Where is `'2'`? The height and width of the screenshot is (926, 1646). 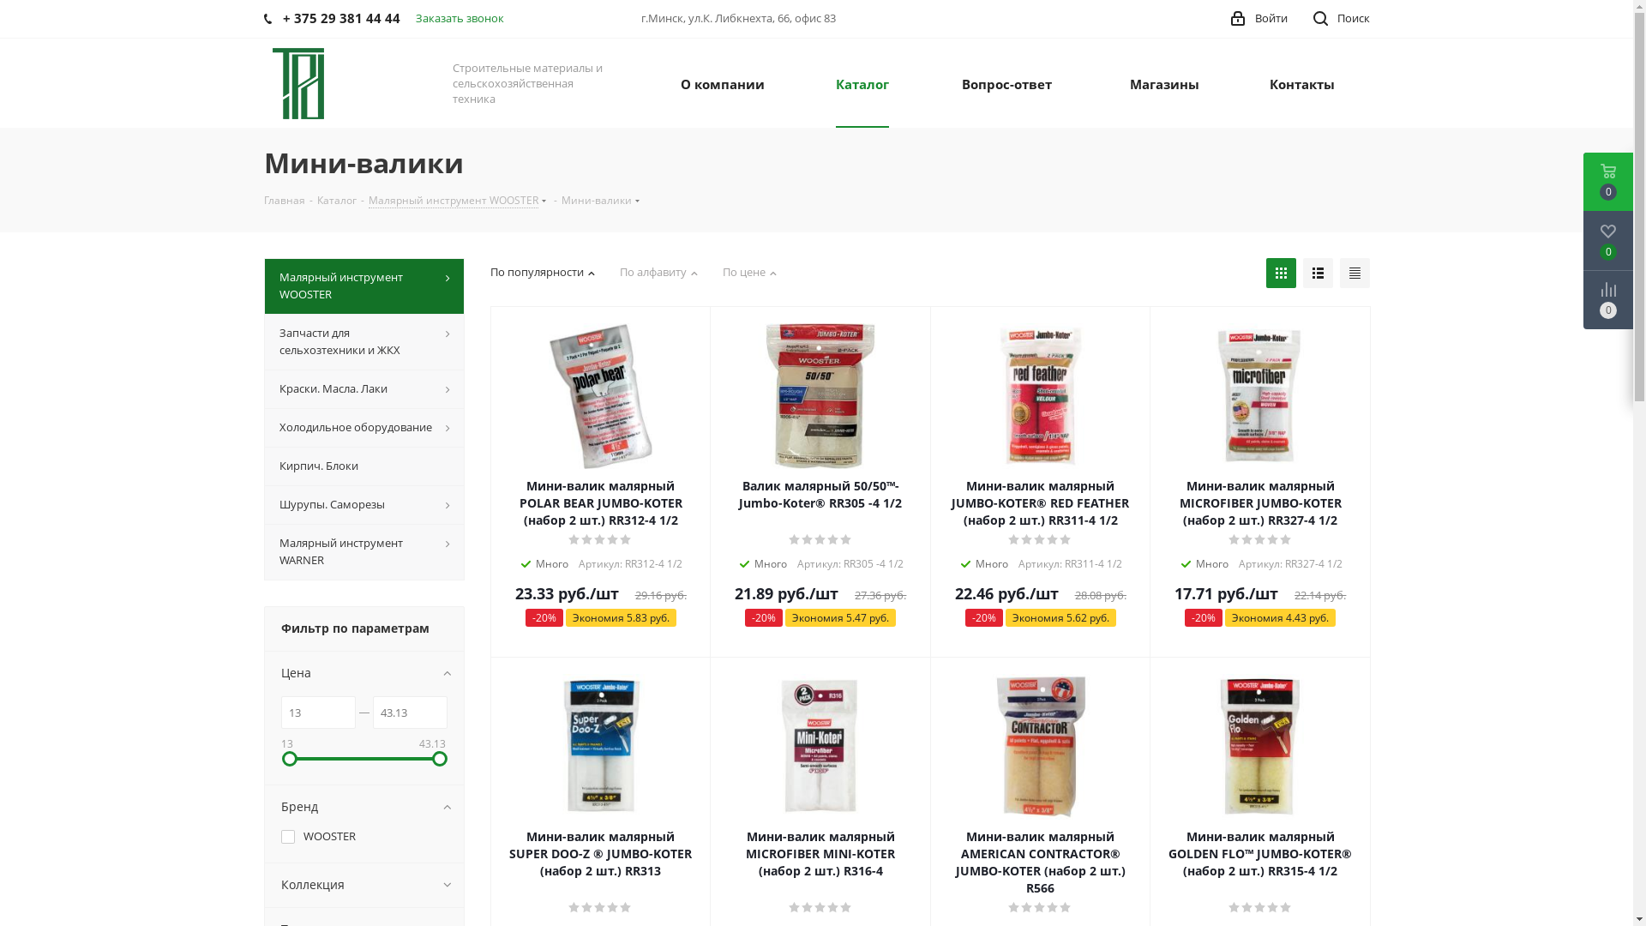
'2' is located at coordinates (587, 538).